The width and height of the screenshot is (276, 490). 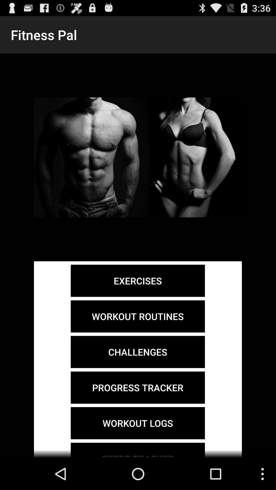 What do you see at coordinates (137, 387) in the screenshot?
I see `the icon below challenges` at bounding box center [137, 387].